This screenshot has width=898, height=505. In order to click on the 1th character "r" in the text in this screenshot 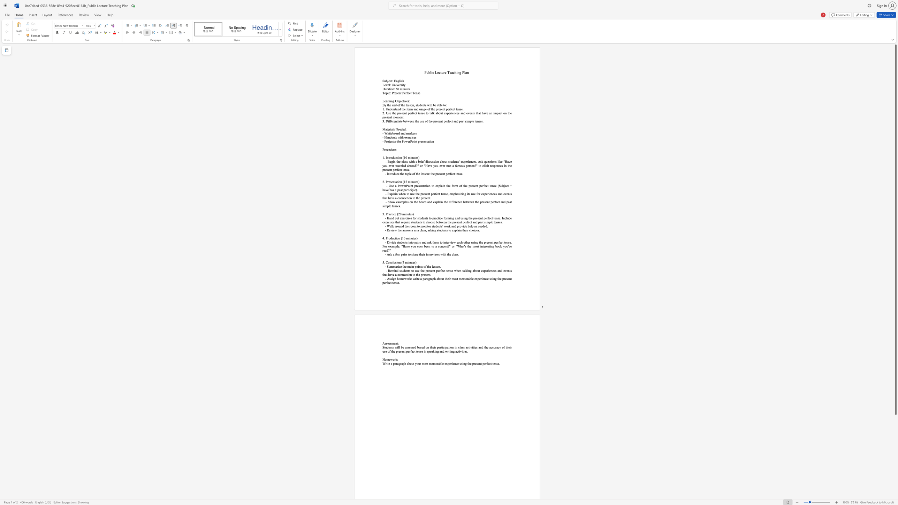, I will do `click(397, 133)`.